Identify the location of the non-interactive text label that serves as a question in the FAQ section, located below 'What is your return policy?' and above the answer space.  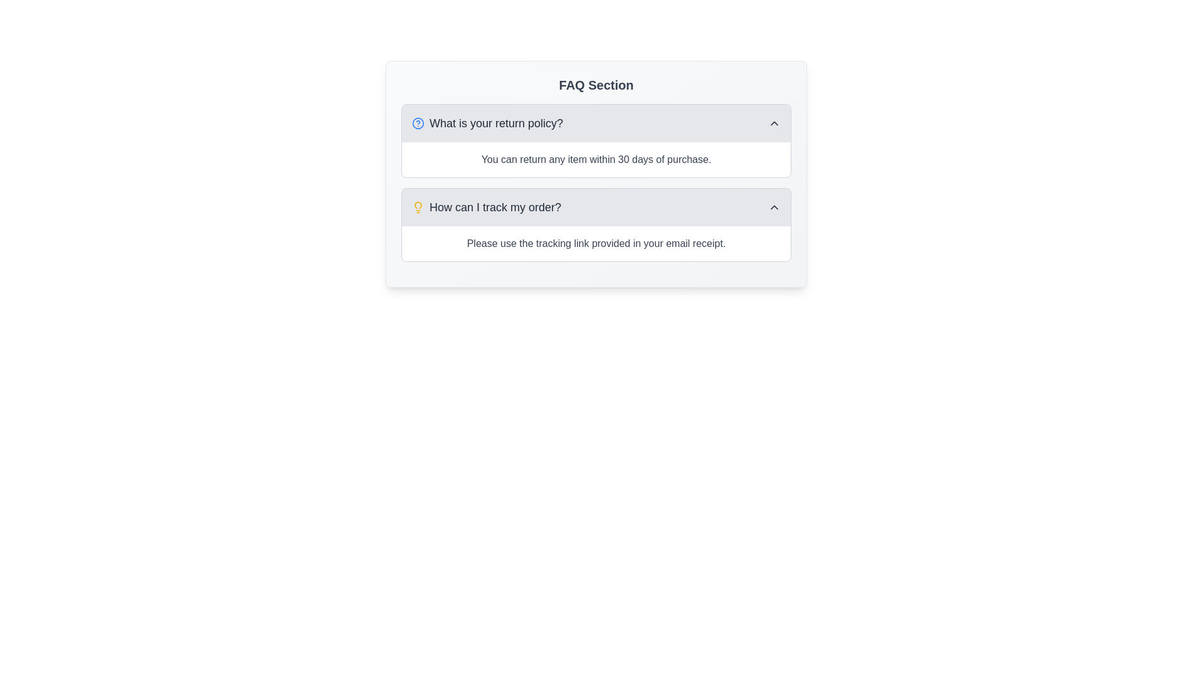
(486, 207).